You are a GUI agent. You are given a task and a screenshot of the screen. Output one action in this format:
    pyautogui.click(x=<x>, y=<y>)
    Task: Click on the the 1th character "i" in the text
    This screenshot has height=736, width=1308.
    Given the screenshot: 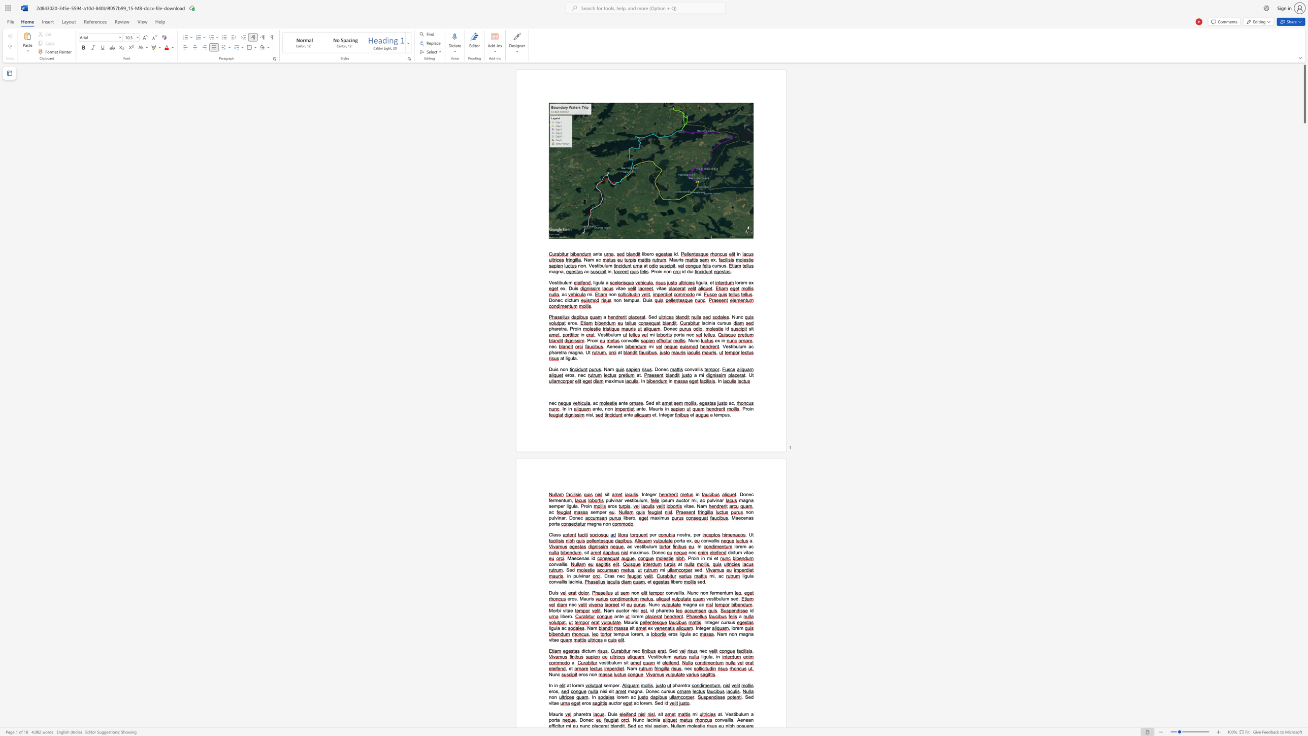 What is the action you would take?
    pyautogui.click(x=707, y=323)
    